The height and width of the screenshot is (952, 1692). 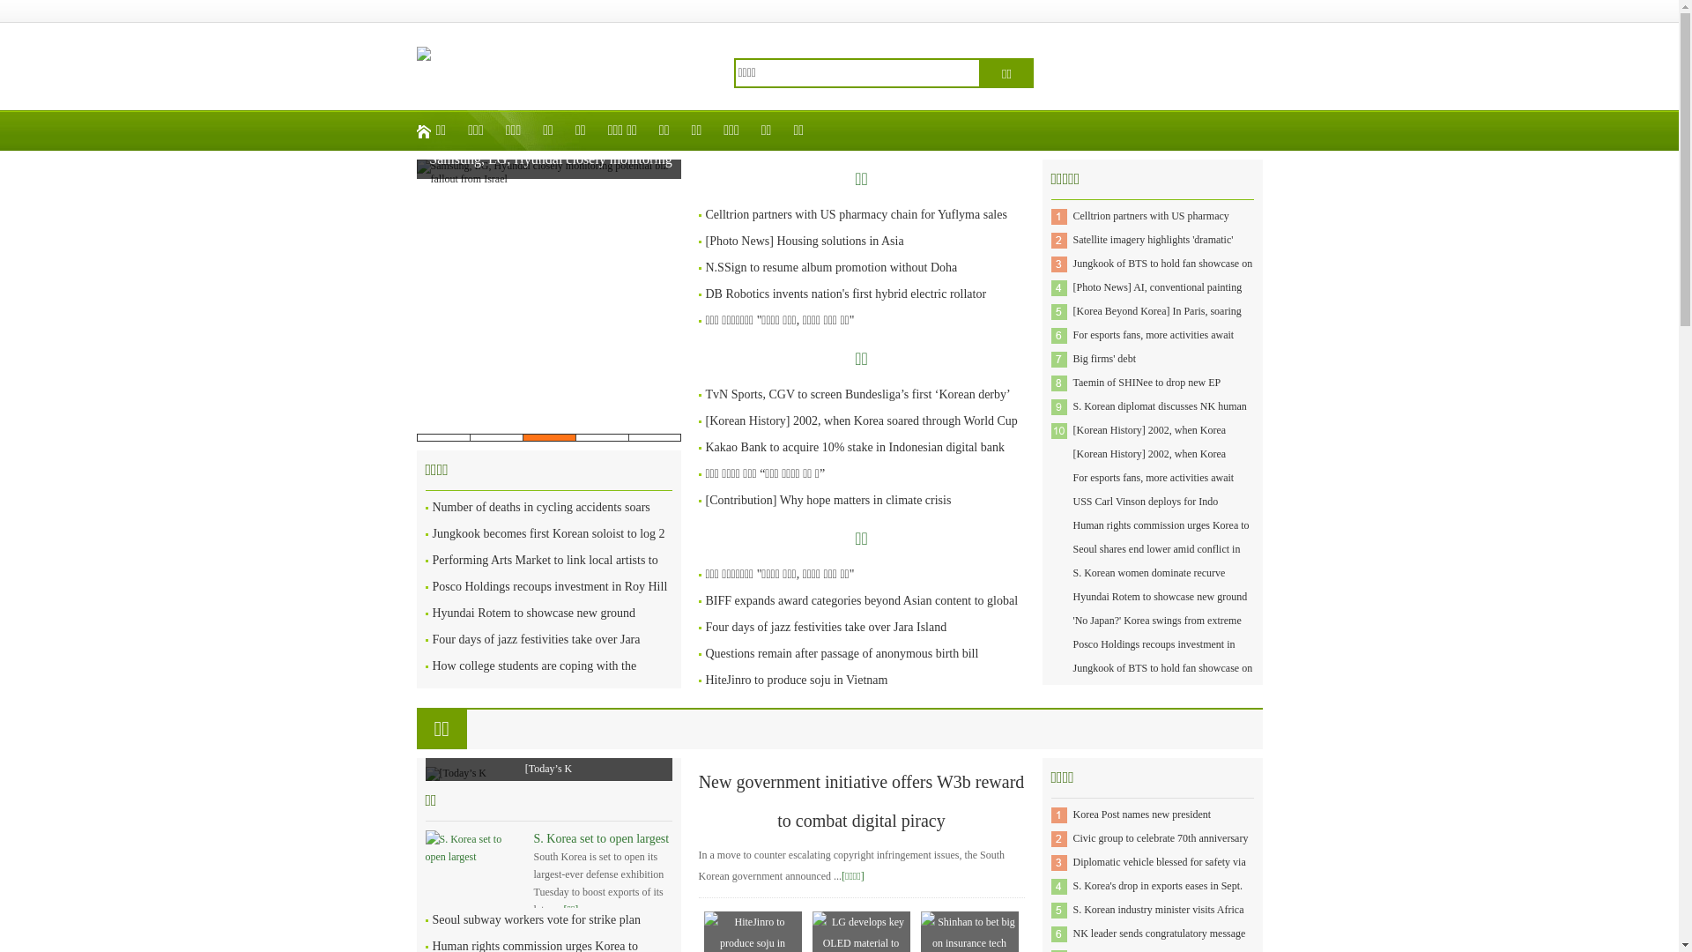 What do you see at coordinates (532, 837) in the screenshot?
I see `'S. Korea set to open largest'` at bounding box center [532, 837].